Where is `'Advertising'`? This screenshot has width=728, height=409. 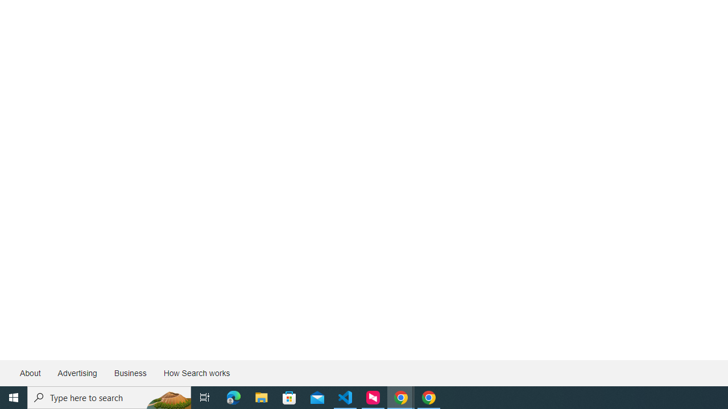 'Advertising' is located at coordinates (76, 373).